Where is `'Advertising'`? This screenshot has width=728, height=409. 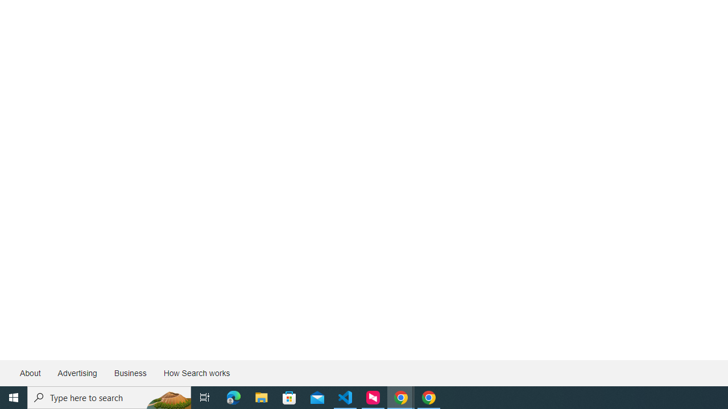 'Advertising' is located at coordinates (76, 373).